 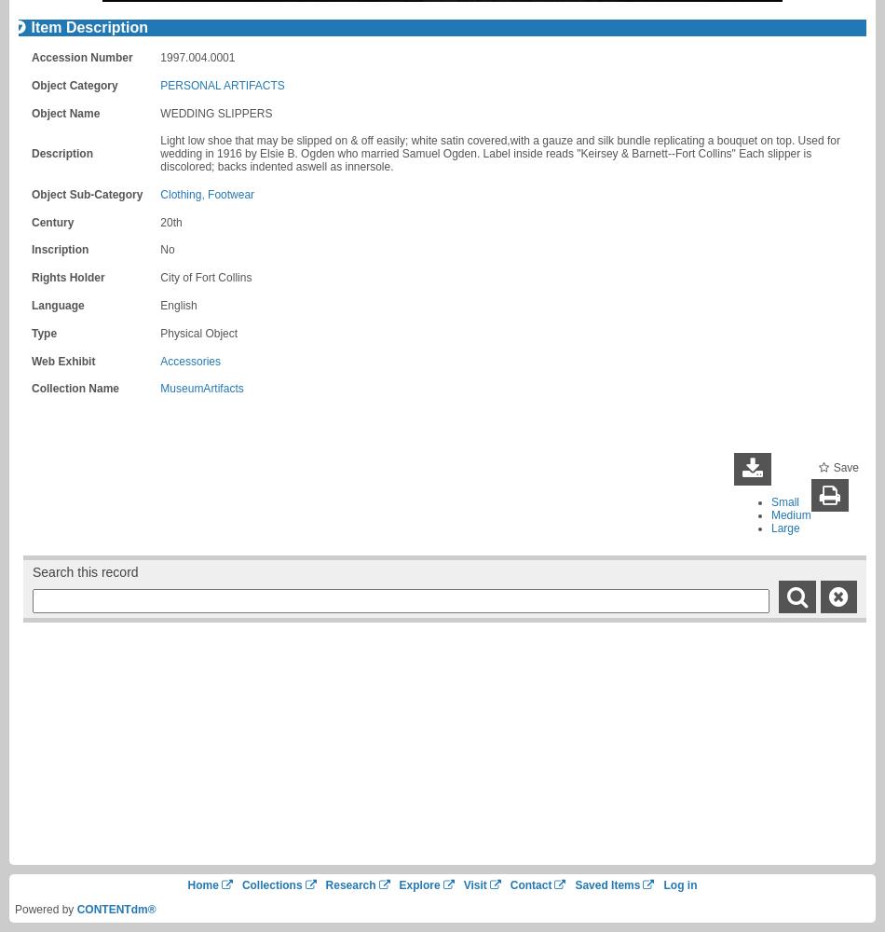 I want to click on 'Collection Name', so click(x=75, y=389).